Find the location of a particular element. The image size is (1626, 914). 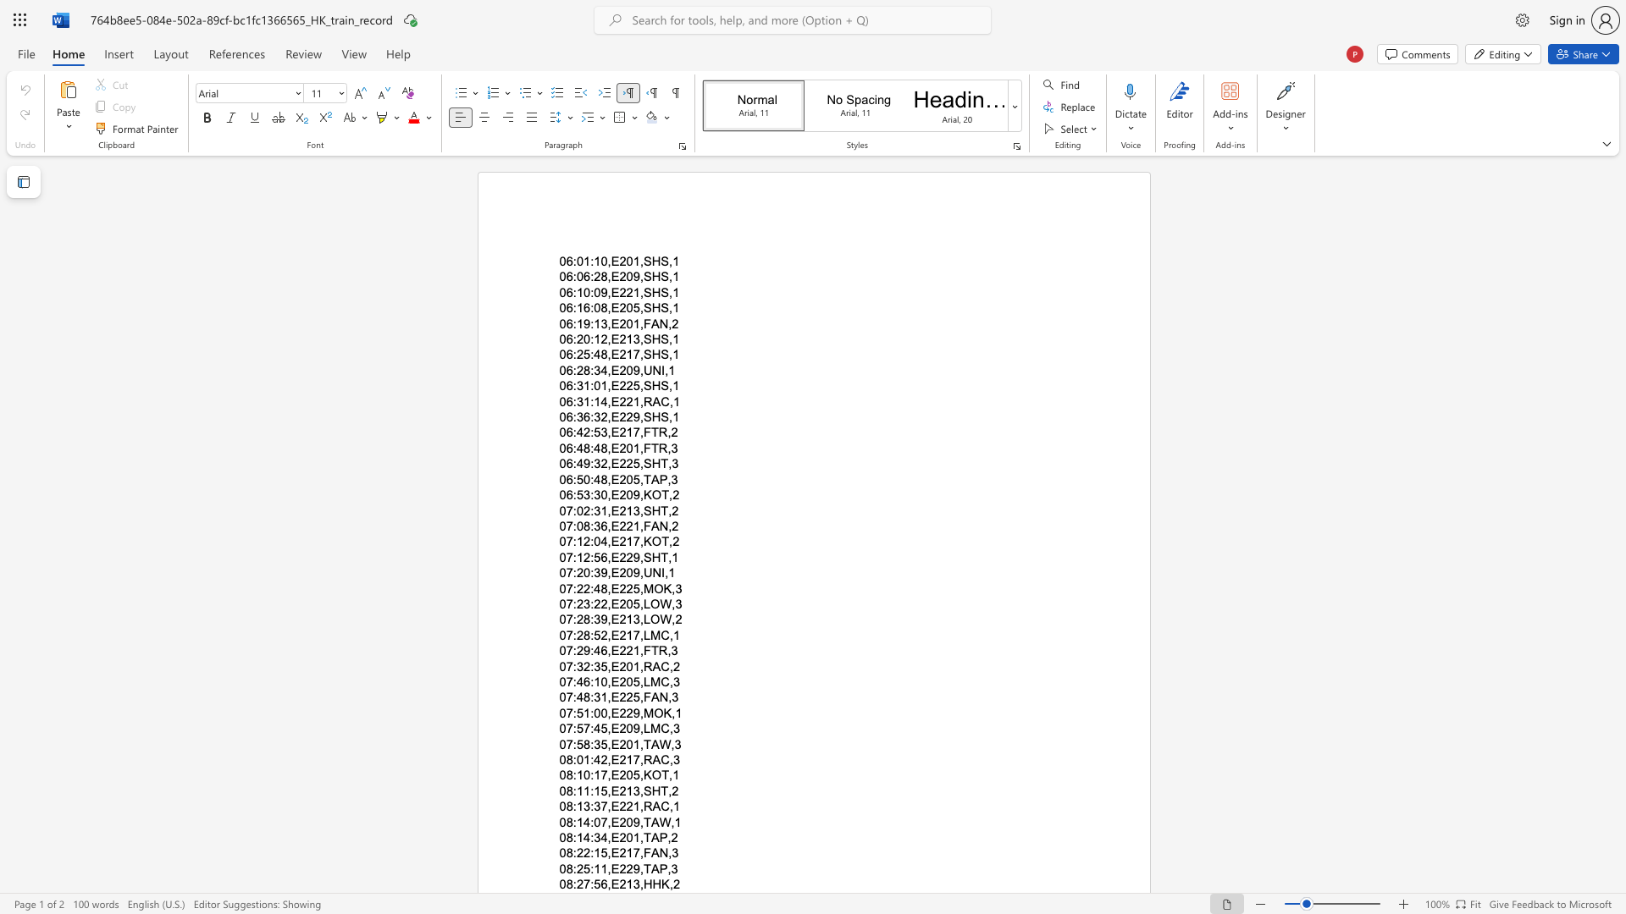

the subset text ":20:12,E213,SHS," within the text "06:20:12,E213,SHS,1" is located at coordinates (572, 339).